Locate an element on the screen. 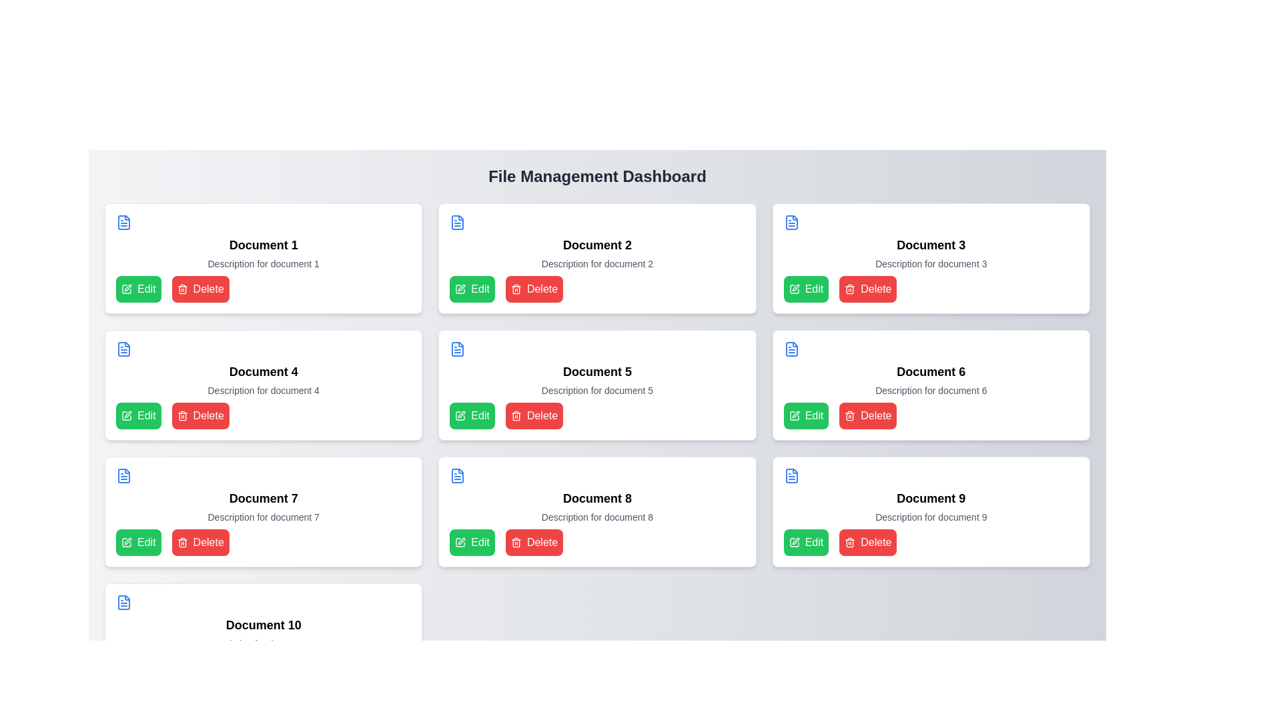 The height and width of the screenshot is (720, 1281). the SVG document icon located in the top-left corner of the 'Document 1' box is located at coordinates (124, 222).